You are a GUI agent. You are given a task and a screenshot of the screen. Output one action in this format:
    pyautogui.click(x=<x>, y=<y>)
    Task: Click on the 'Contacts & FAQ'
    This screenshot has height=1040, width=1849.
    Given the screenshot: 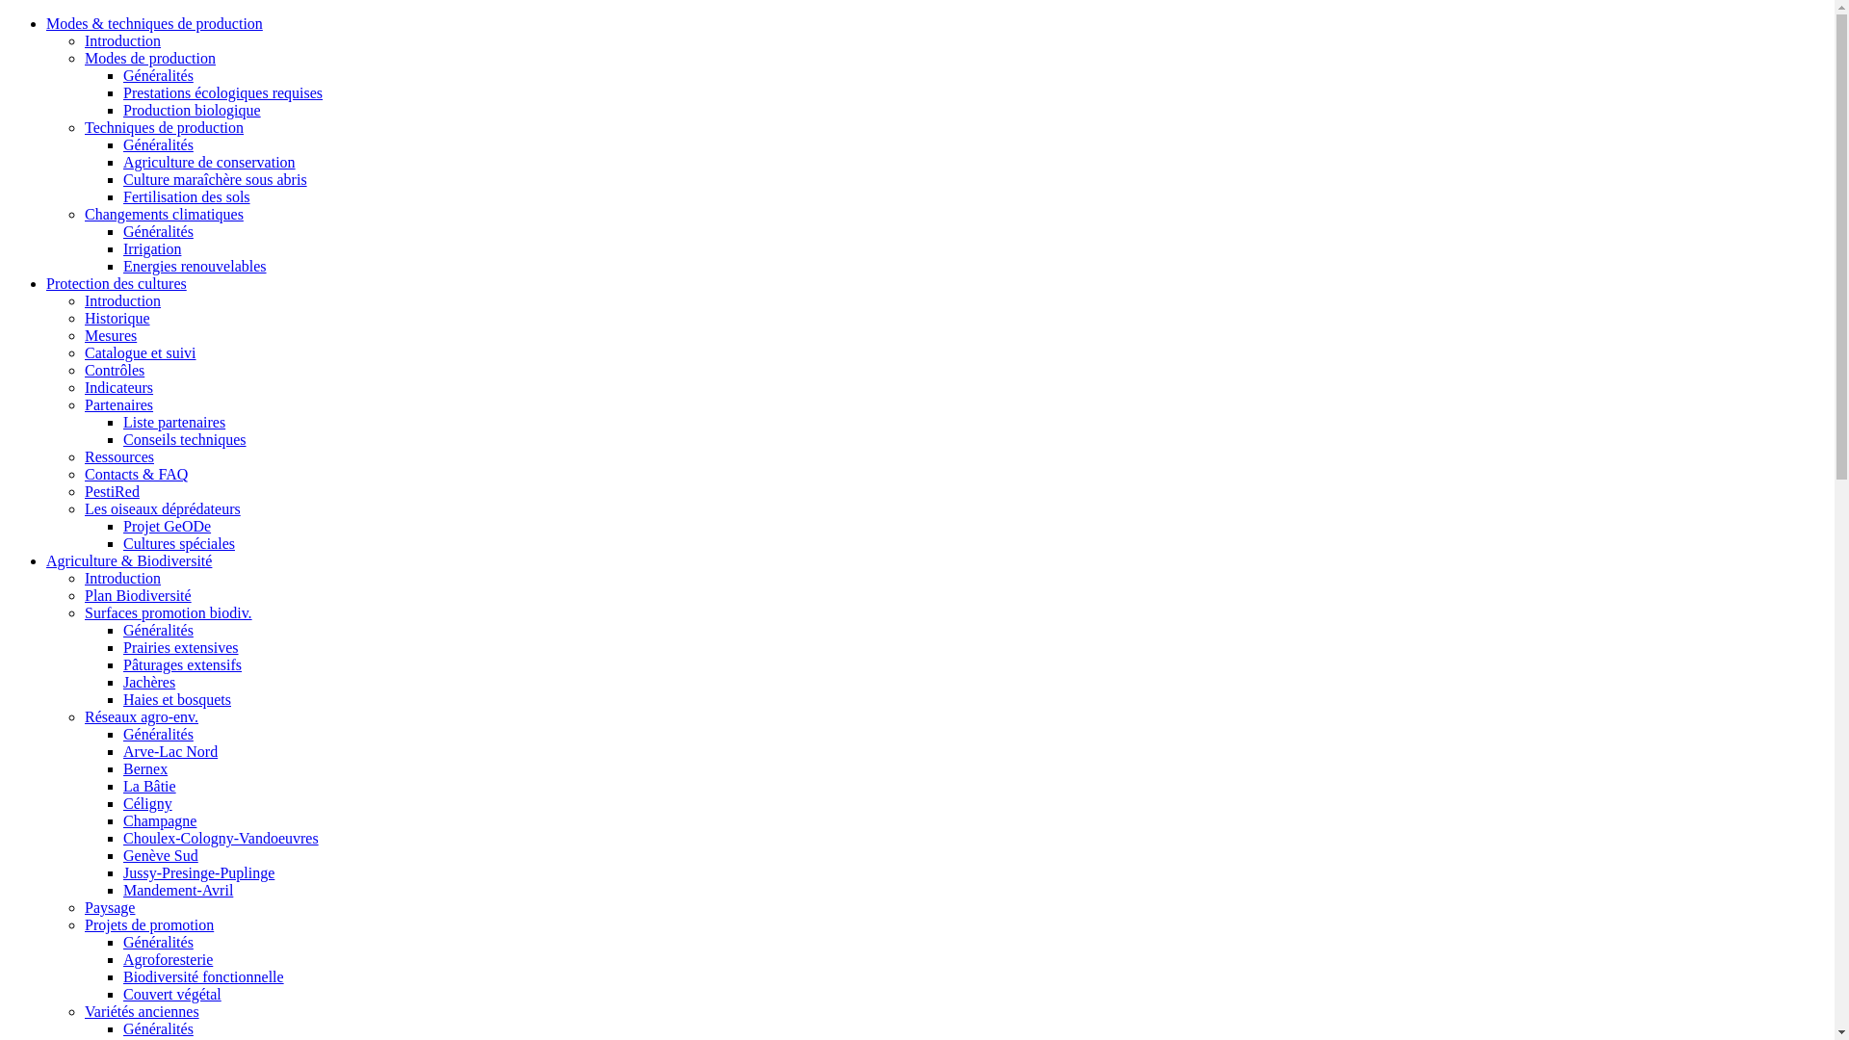 What is the action you would take?
    pyautogui.click(x=83, y=474)
    